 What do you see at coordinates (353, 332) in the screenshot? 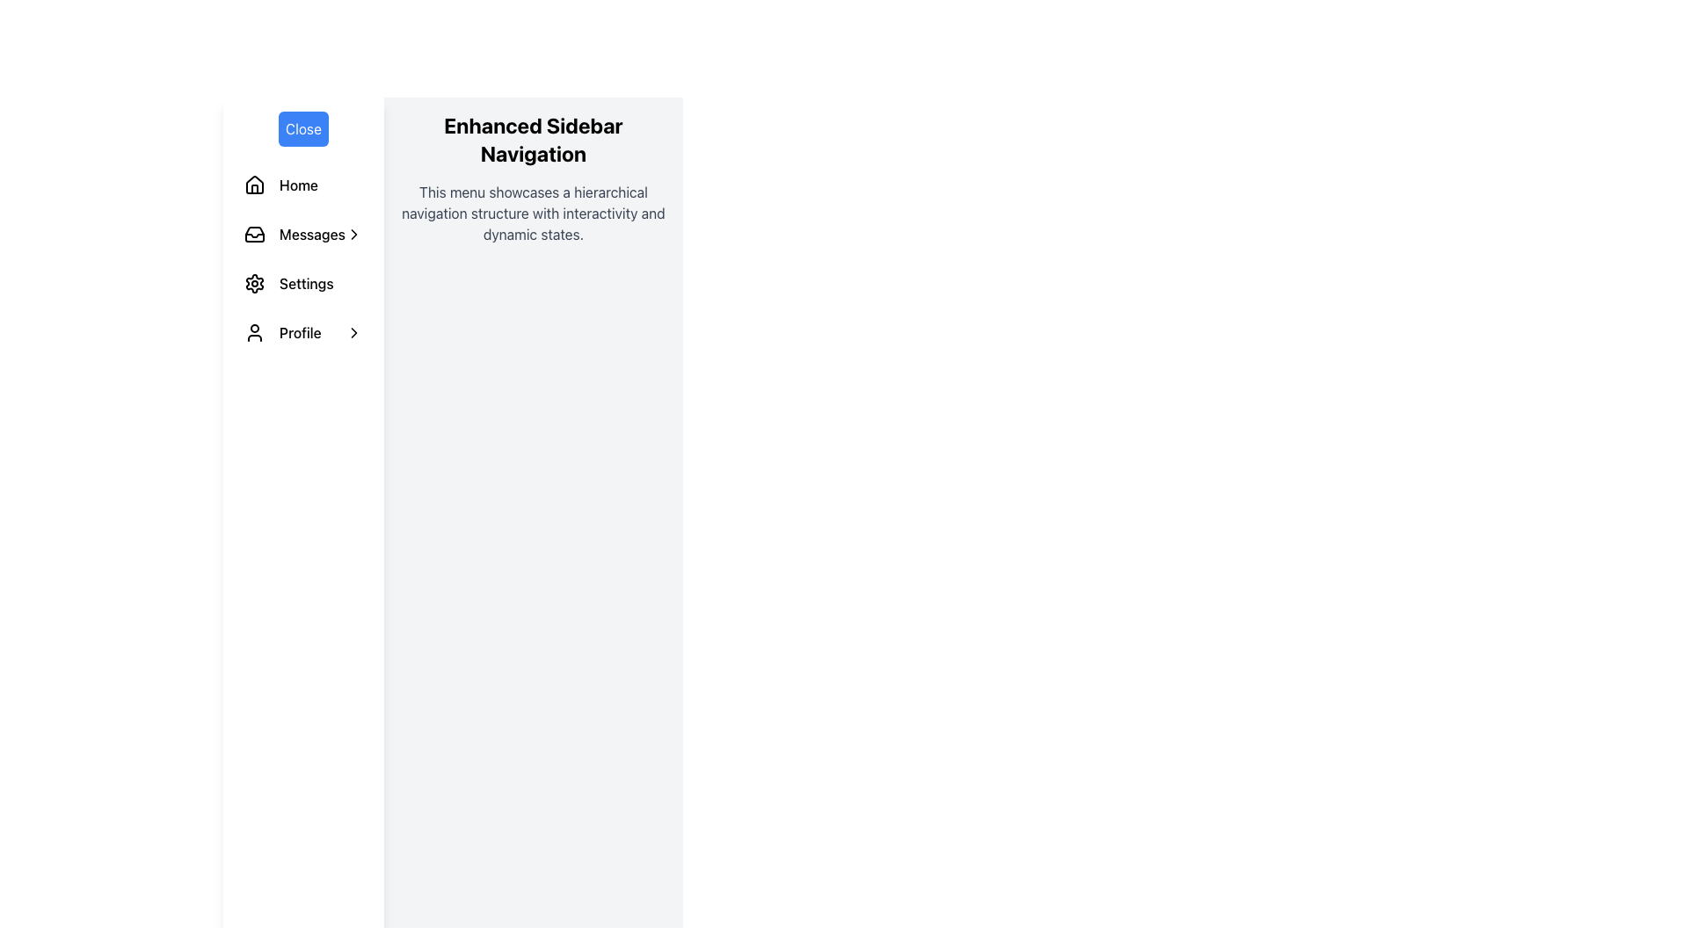
I see `the Chevron Icon located at the far right of the 'Profile' item row in the vertical navigation bar, adjacent to the text 'Profile'` at bounding box center [353, 332].